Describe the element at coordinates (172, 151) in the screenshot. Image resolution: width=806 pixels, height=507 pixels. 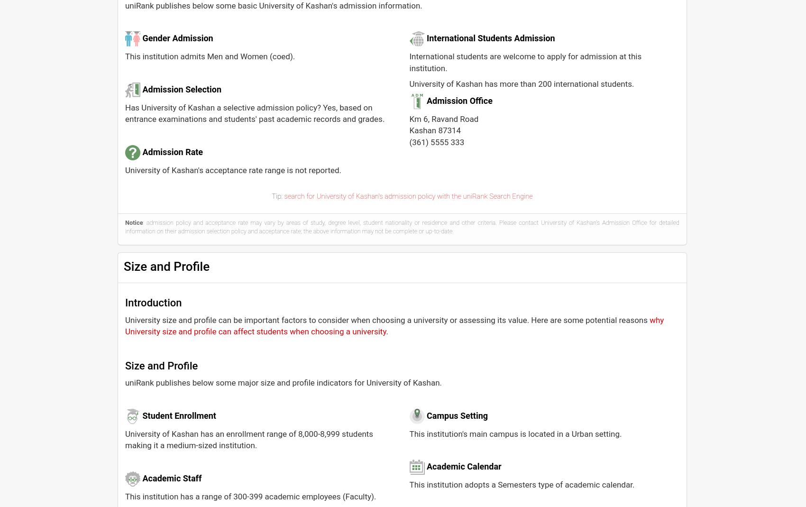
I see `'Admission Rate'` at that location.